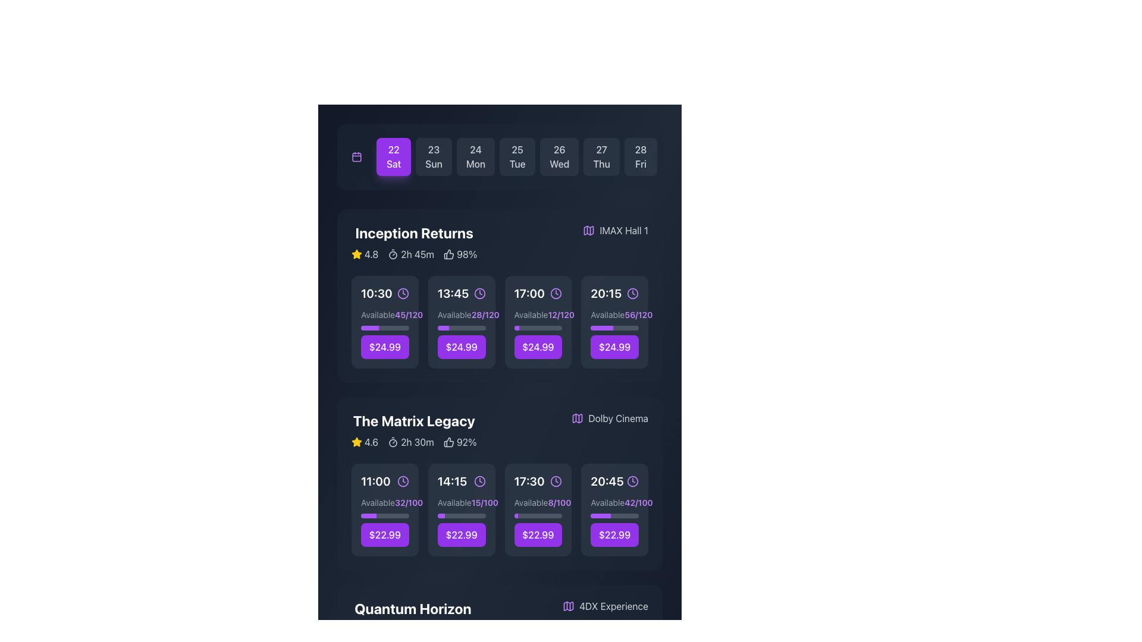 Image resolution: width=1142 pixels, height=642 pixels. What do you see at coordinates (485, 502) in the screenshot?
I see `the text label displaying '15/100' in bold purple font, located in the second card under 'The Matrix Legacy' section` at bounding box center [485, 502].